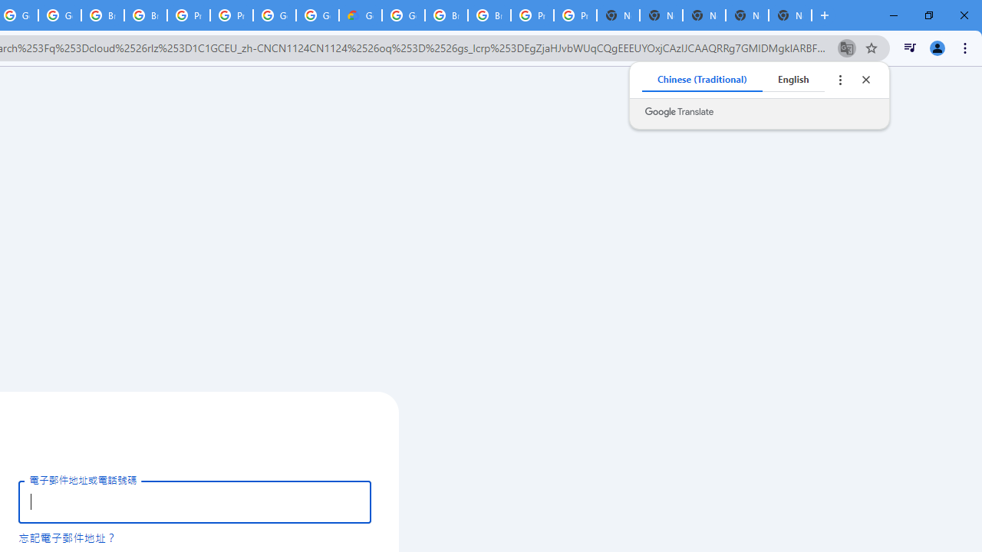 The image size is (982, 552). I want to click on 'Translate options', so click(839, 80).